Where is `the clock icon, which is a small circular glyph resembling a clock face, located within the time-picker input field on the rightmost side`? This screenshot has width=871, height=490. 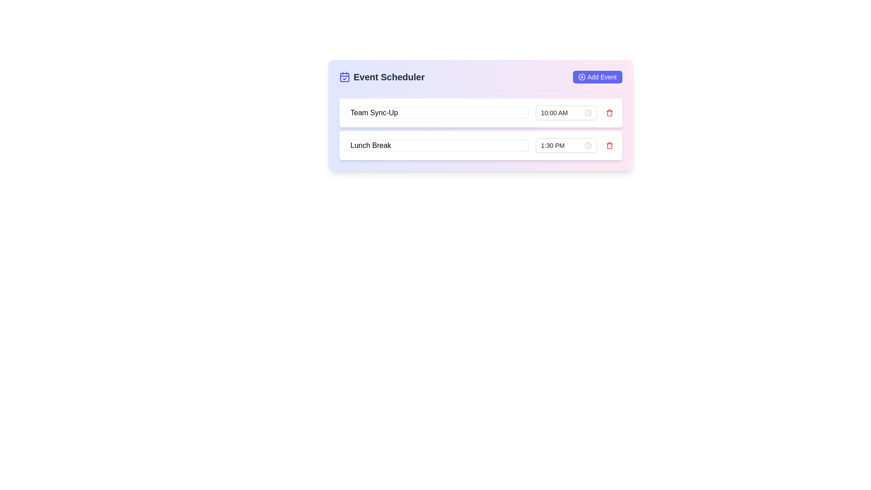
the clock icon, which is a small circular glyph resembling a clock face, located within the time-picker input field on the rightmost side is located at coordinates (588, 113).